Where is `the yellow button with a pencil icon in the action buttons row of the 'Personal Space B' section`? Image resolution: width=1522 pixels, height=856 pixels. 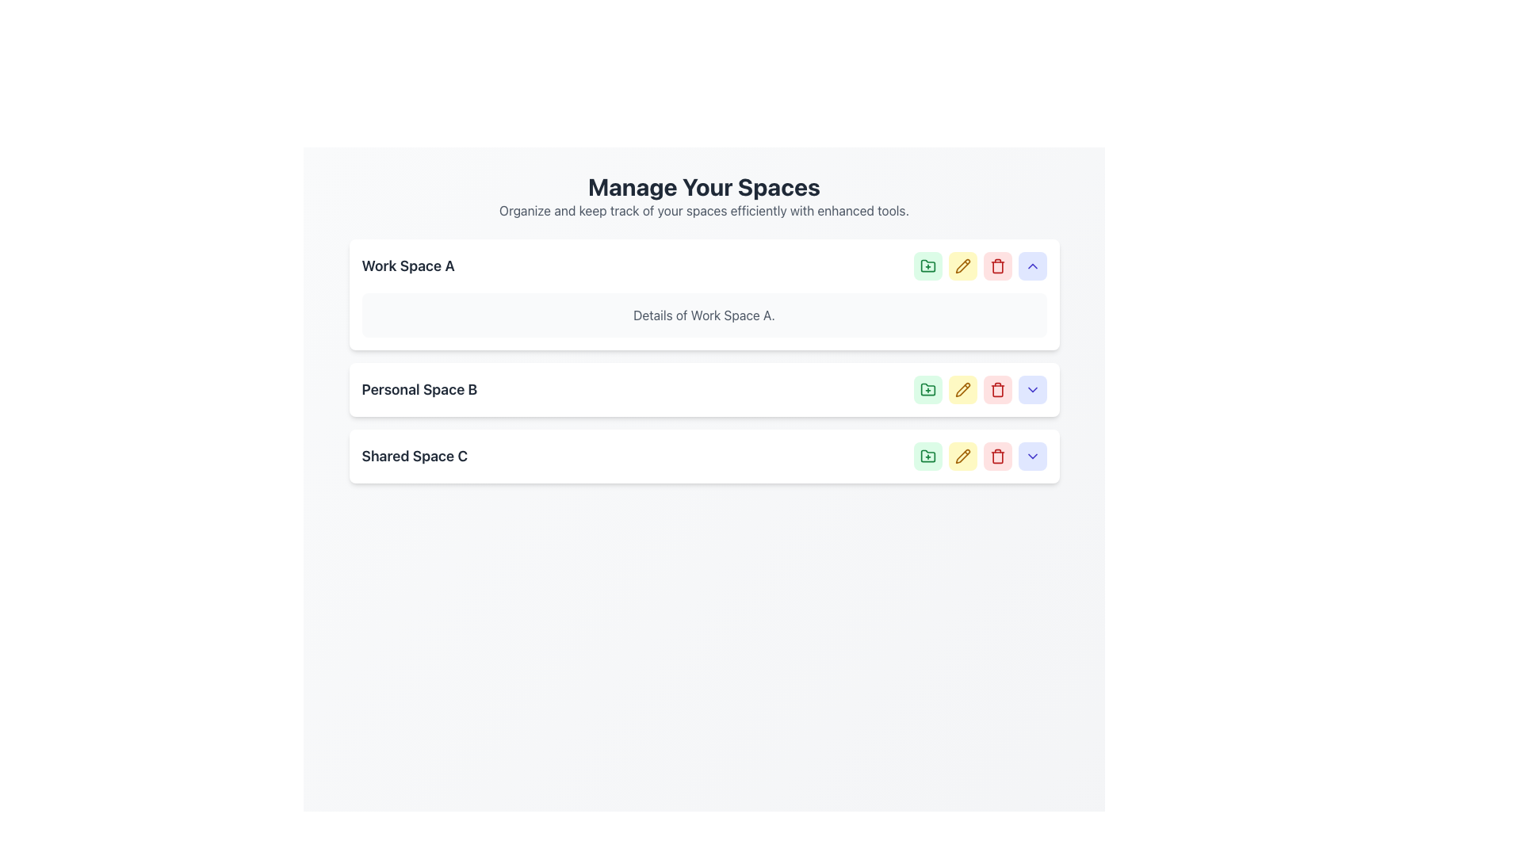
the yellow button with a pencil icon in the action buttons row of the 'Personal Space B' section is located at coordinates (979, 390).